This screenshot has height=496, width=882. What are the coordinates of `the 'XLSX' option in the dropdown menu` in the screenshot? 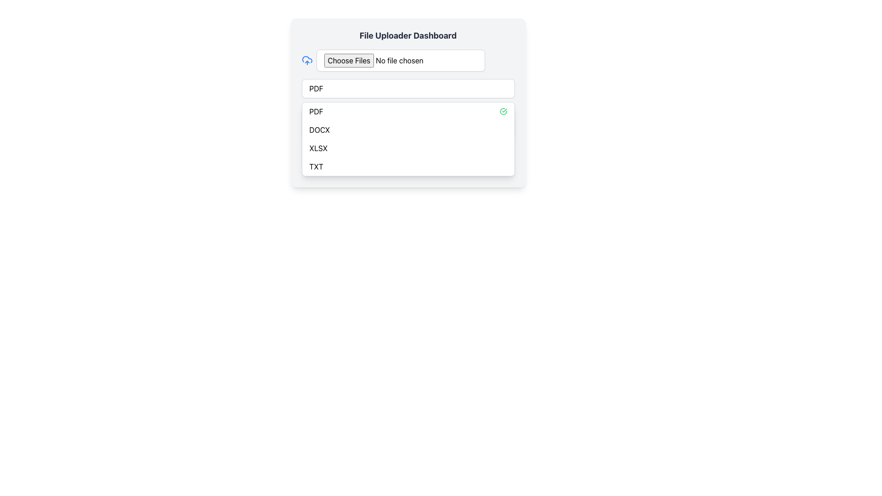 It's located at (407, 148).